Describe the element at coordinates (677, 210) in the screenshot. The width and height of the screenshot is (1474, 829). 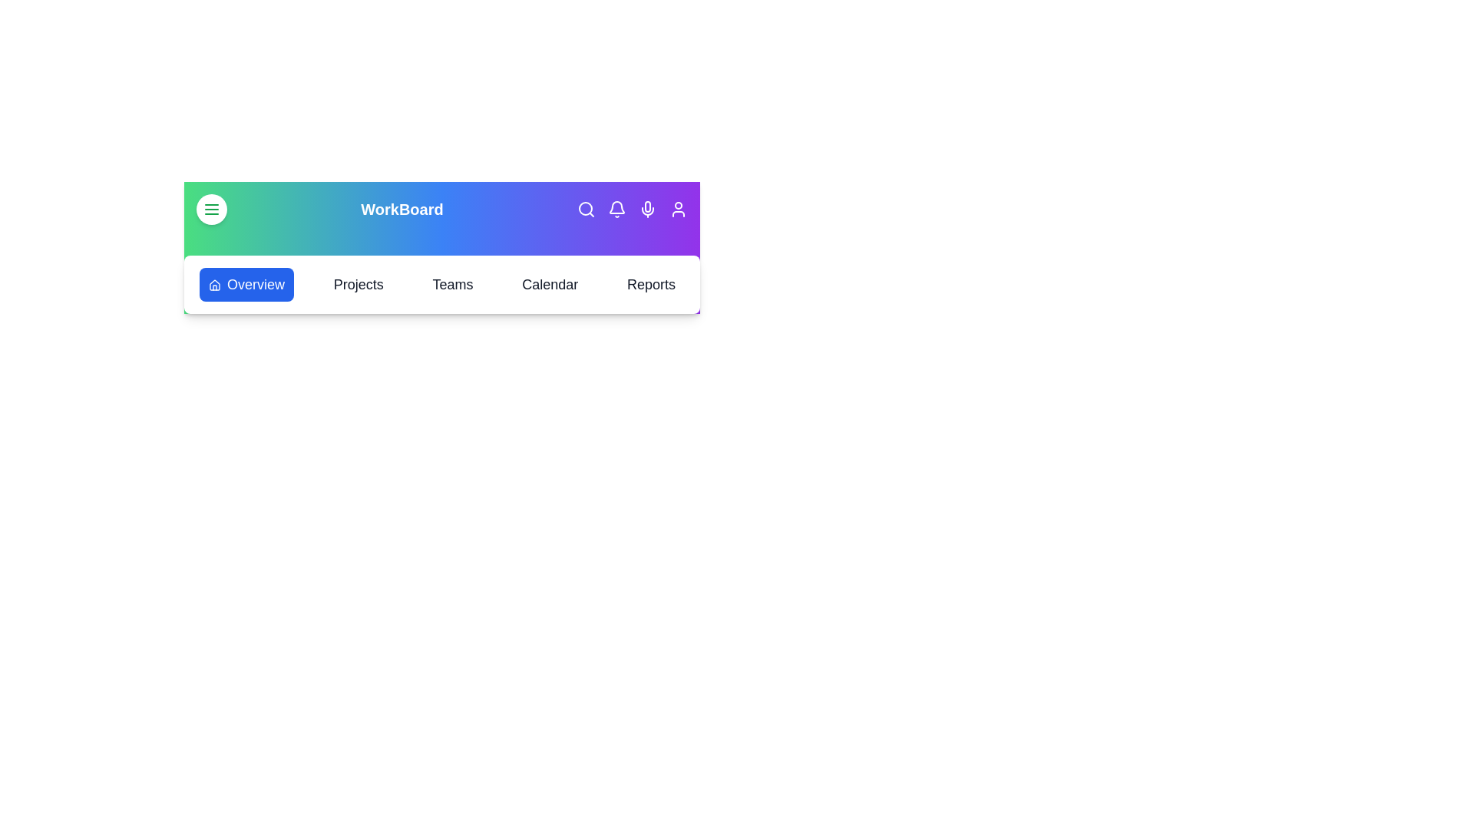
I see `the User Profile icon` at that location.